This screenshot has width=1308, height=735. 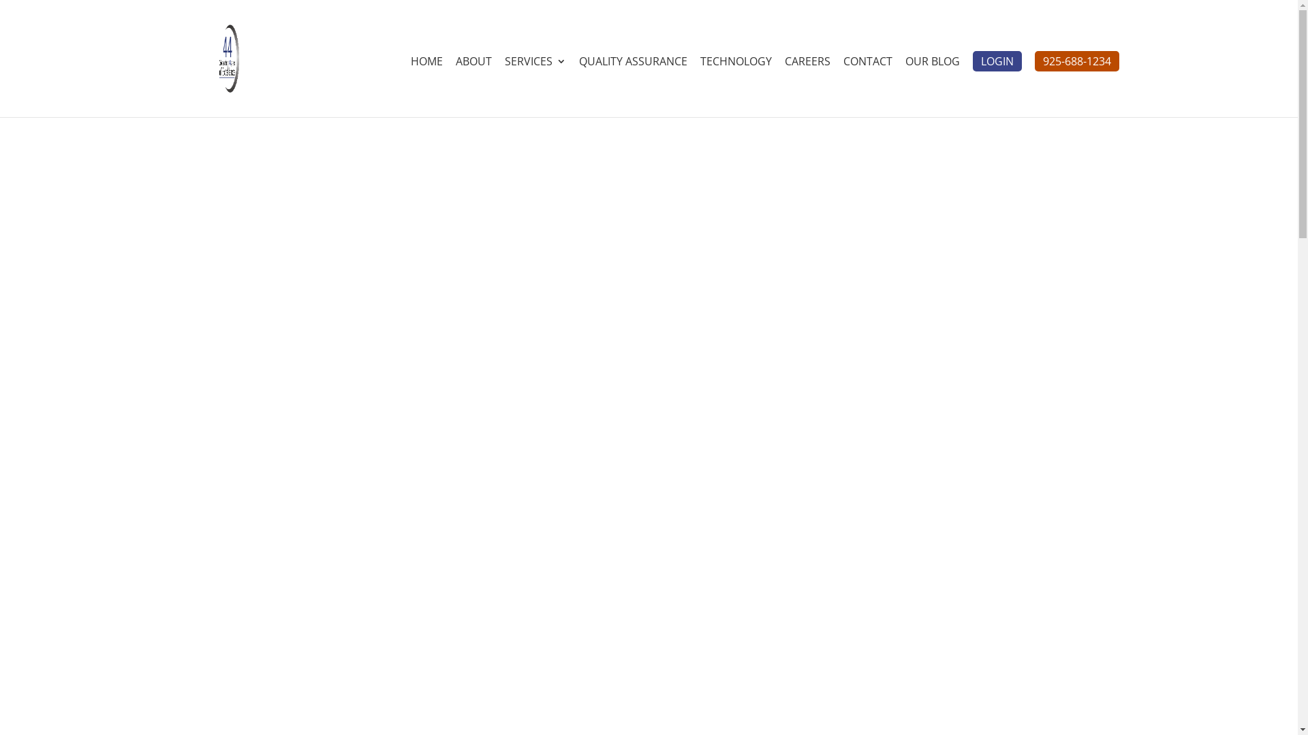 What do you see at coordinates (534, 86) in the screenshot?
I see `'SERVICES'` at bounding box center [534, 86].